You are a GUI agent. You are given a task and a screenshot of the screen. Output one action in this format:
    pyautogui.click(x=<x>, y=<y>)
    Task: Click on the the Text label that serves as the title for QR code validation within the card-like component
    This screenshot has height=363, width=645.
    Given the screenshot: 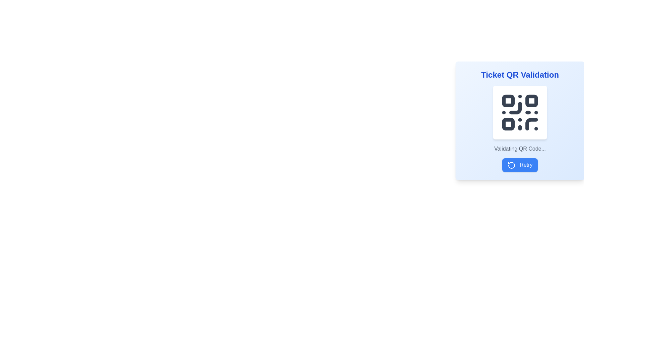 What is the action you would take?
    pyautogui.click(x=520, y=75)
    